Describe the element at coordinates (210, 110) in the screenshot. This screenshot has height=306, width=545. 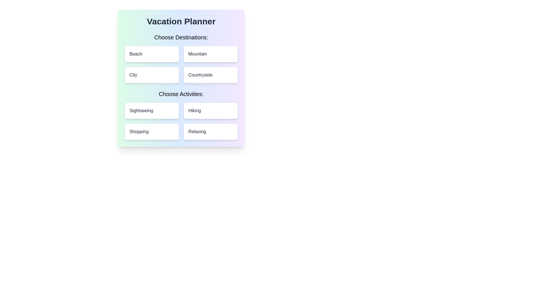
I see `the 'Hiking' button, which is a rectangular button with rounded corners, styled with a white background and a gray border` at that location.